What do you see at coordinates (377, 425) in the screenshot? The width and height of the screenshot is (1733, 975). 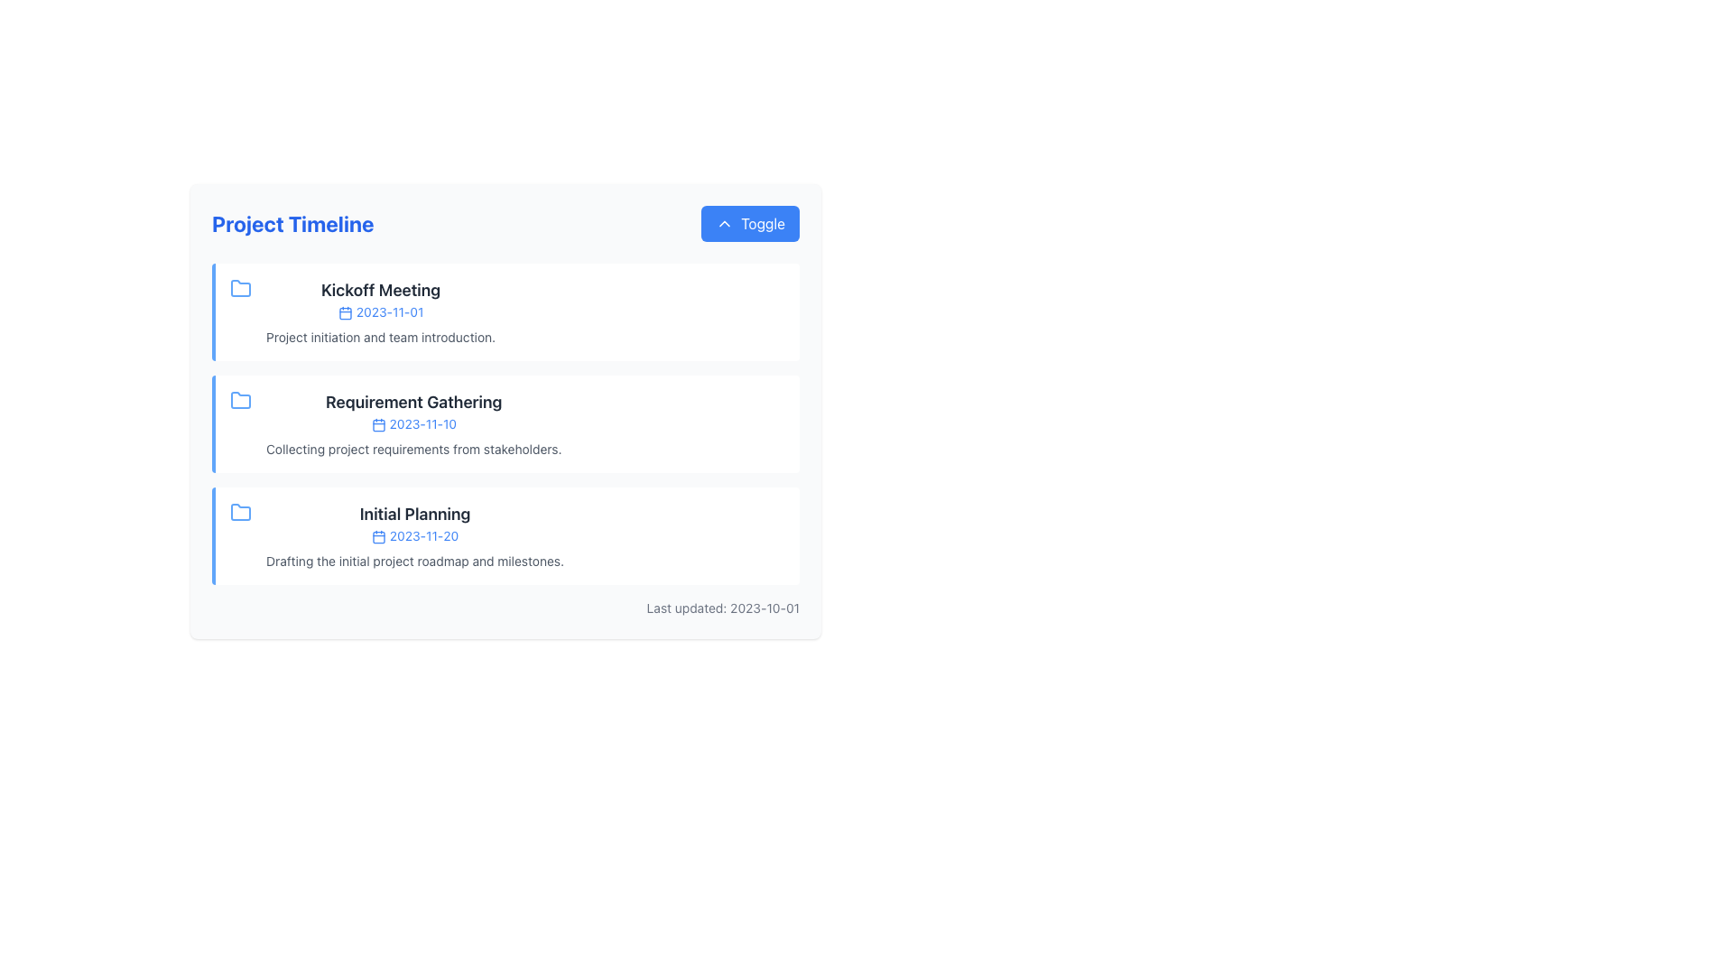 I see `the small blue calendar icon located to the left of the date '2023-11-10' in the 'Requirement Gathering' row of the timeline interface` at bounding box center [377, 425].